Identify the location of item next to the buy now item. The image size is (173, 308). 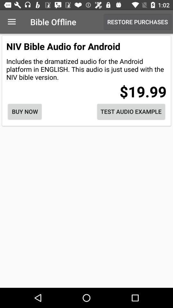
(131, 111).